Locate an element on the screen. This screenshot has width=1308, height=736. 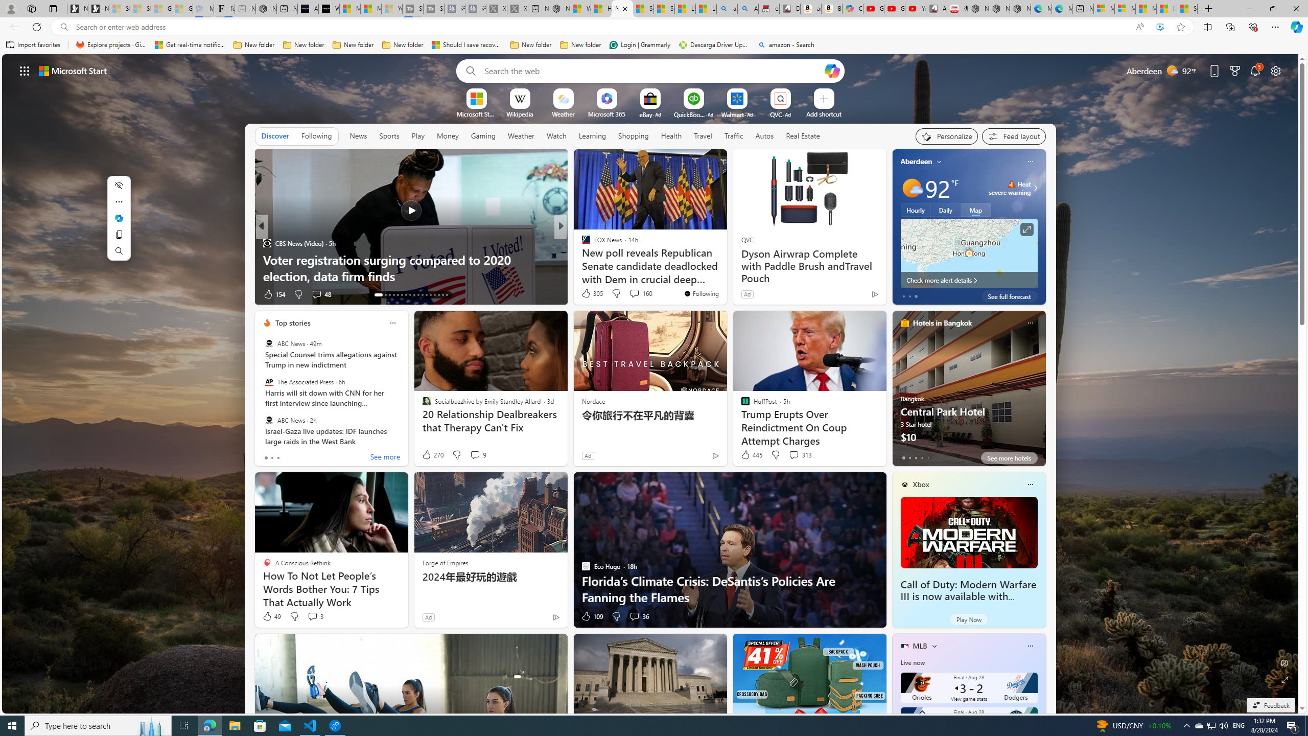
'Weather' is located at coordinates (521, 135).